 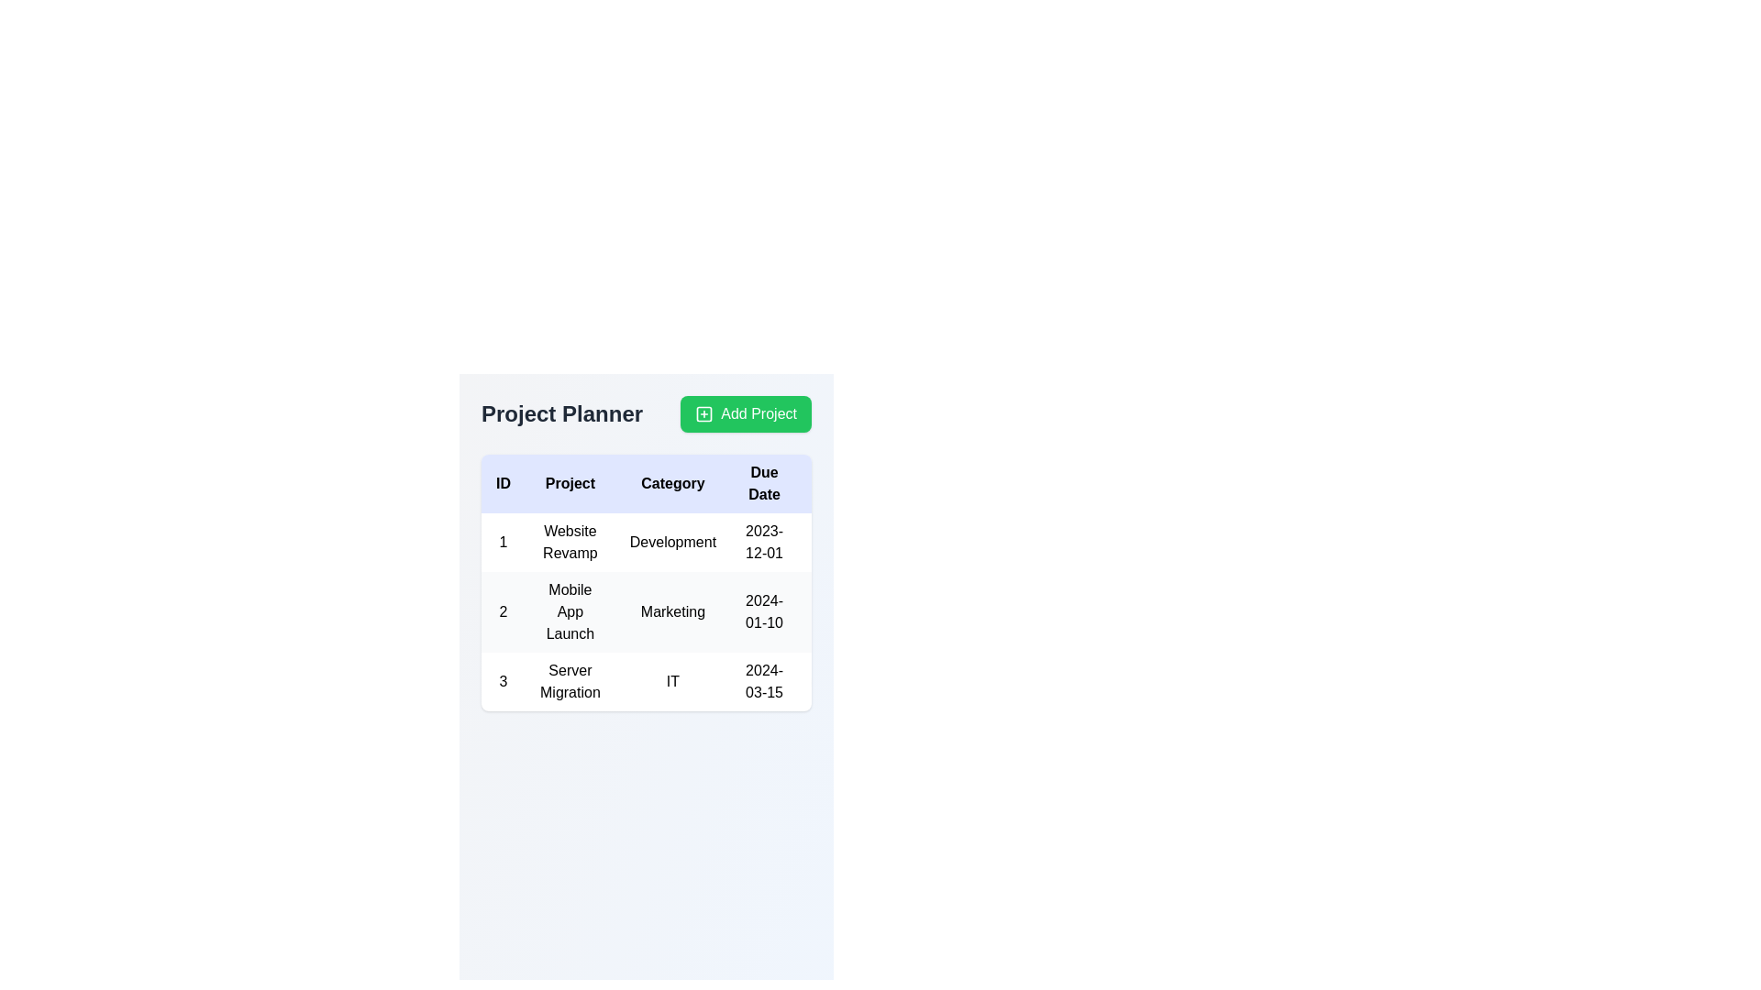 What do you see at coordinates (503, 541) in the screenshot?
I see `the text label that identifies the first entry in the table's 'ID' column by moving the cursor to its position` at bounding box center [503, 541].